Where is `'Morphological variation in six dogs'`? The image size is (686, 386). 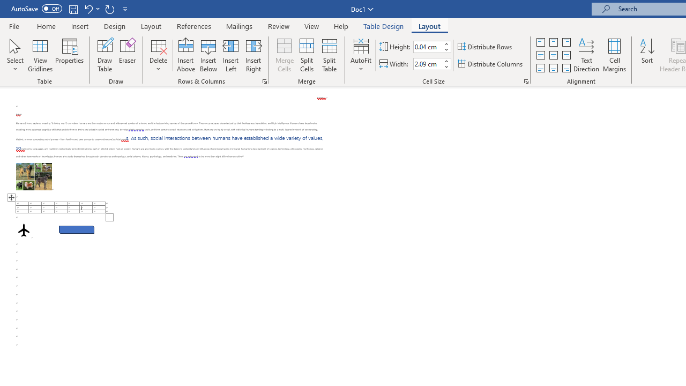
'Morphological variation in six dogs' is located at coordinates (34, 176).